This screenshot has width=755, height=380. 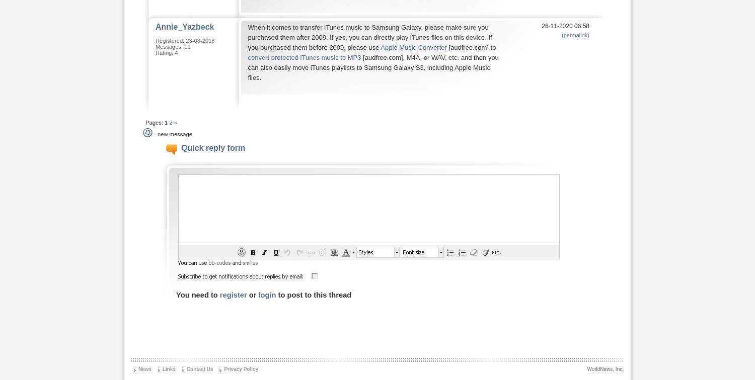 What do you see at coordinates (369, 37) in the screenshot?
I see `'When it comes to transfer iTunes music to Samsung Galaxy, please make sure you purchased them after 2009. If yes, you can directly play iTunes files on this device. If you purchased them before 2009, please use'` at bounding box center [369, 37].